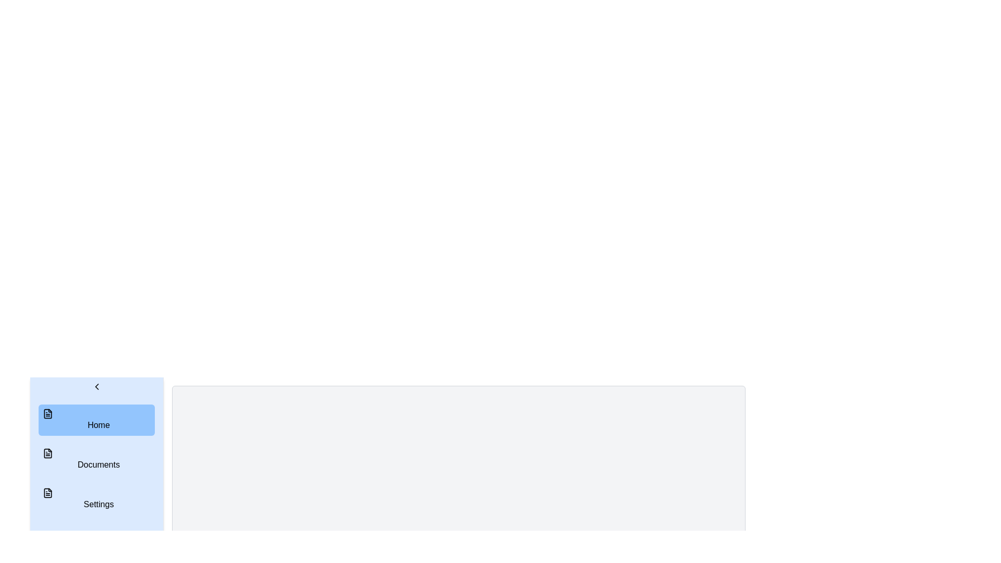 The height and width of the screenshot is (563, 1001). Describe the element at coordinates (47, 413) in the screenshot. I see `the document icon with a blue background located in the left-hand navigation menu, next to the label 'Home'` at that location.